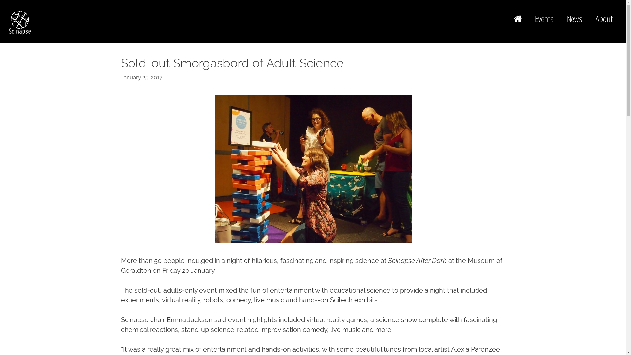 This screenshot has width=631, height=355. Describe the element at coordinates (141, 77) in the screenshot. I see `'January 25, 2017'` at that location.